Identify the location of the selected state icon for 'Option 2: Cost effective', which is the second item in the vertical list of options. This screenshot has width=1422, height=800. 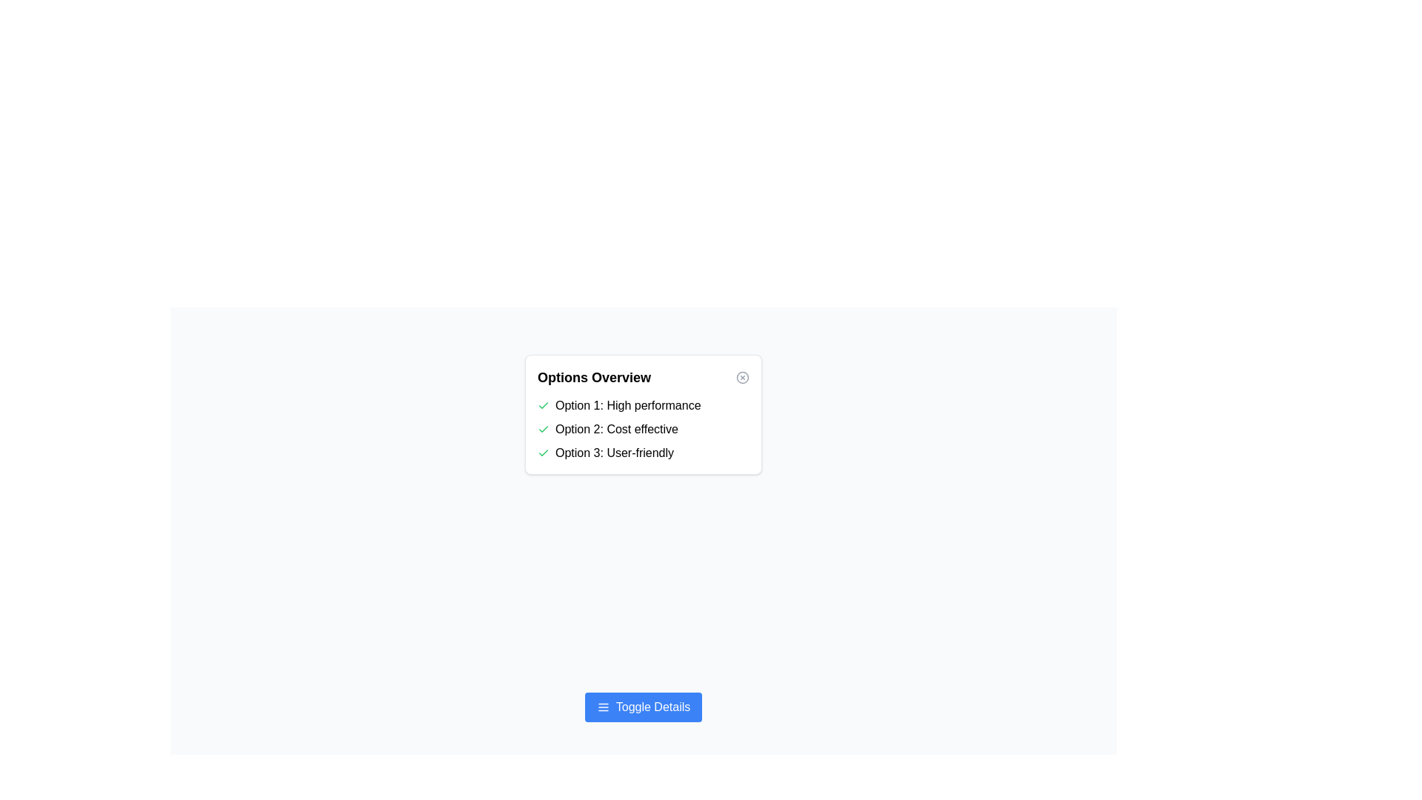
(543, 429).